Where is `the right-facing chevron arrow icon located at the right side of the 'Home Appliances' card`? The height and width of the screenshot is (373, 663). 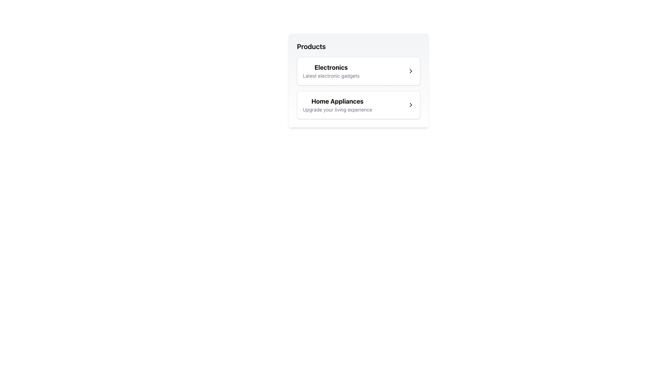
the right-facing chevron arrow icon located at the right side of the 'Home Appliances' card is located at coordinates (411, 105).